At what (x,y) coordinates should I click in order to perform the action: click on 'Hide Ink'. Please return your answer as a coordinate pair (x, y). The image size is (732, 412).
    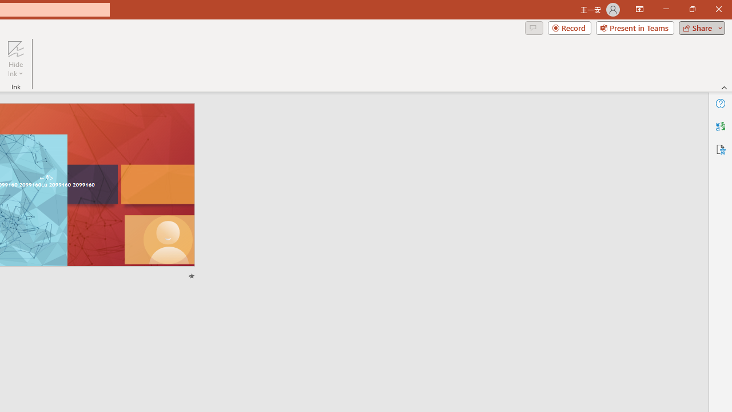
    Looking at the image, I should click on (15, 48).